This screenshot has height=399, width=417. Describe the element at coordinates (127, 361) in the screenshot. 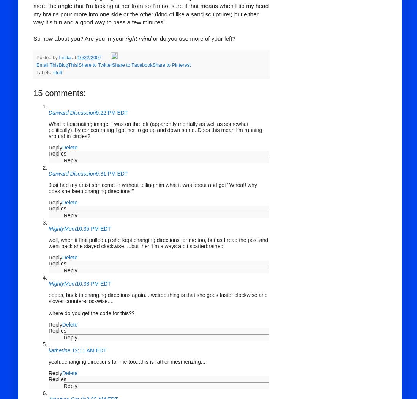

I see `'yeah...changing directions for me too...this is rather mesmerizing...'` at that location.